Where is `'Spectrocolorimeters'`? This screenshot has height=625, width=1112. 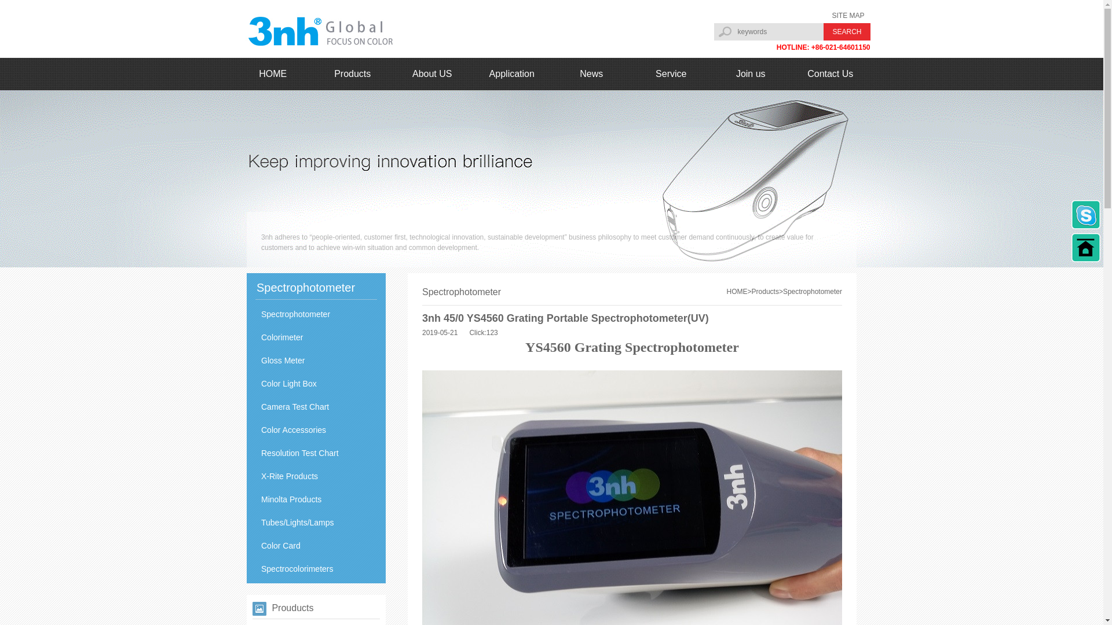
'Spectrocolorimeters' is located at coordinates (316, 568).